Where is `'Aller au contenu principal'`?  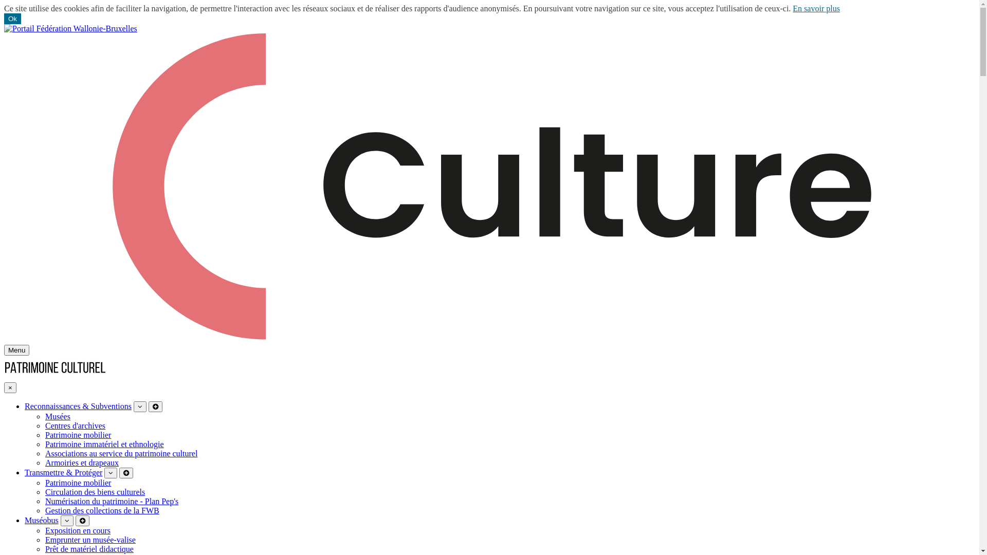
'Aller au contenu principal' is located at coordinates (4, 23).